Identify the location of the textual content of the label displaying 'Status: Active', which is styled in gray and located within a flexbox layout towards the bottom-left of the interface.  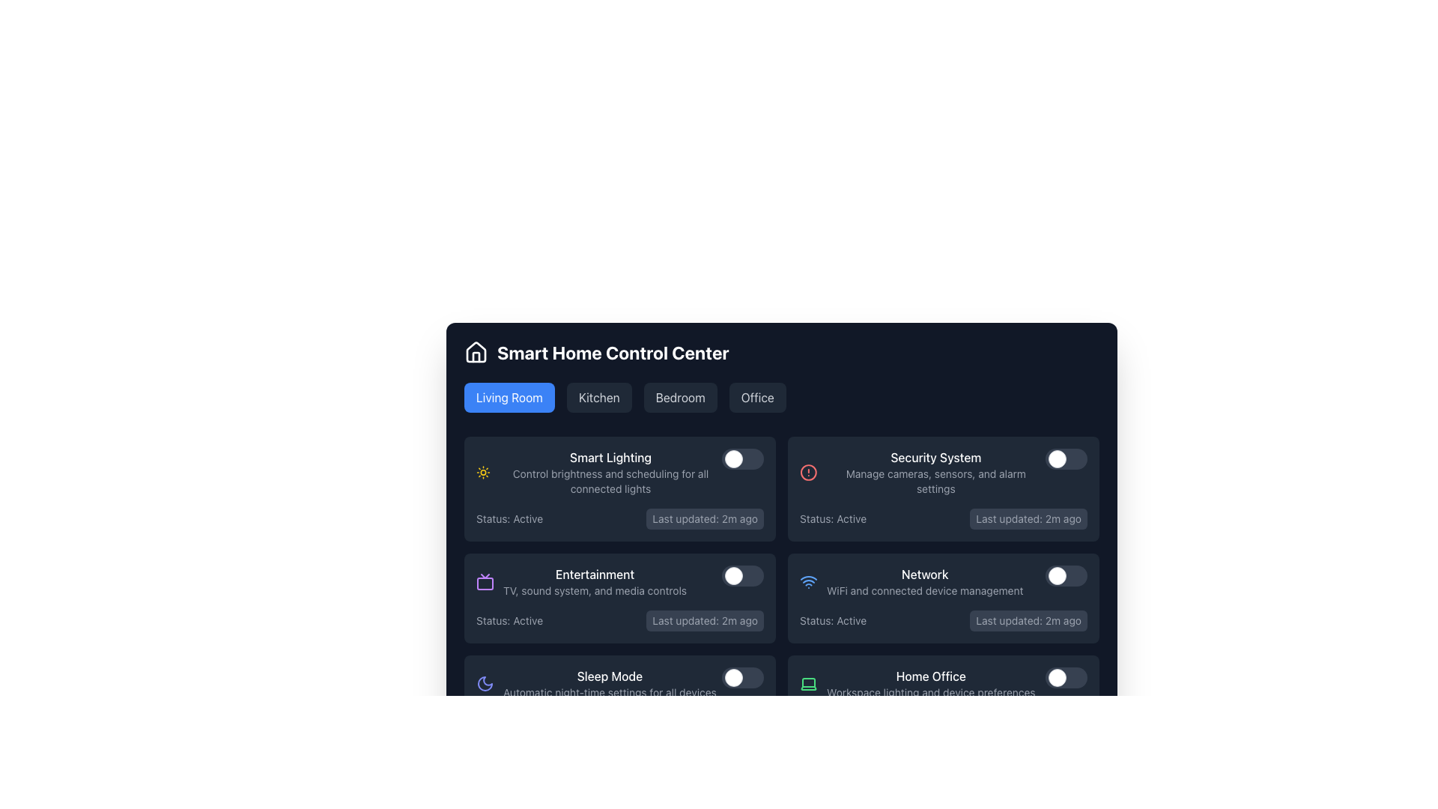
(509, 721).